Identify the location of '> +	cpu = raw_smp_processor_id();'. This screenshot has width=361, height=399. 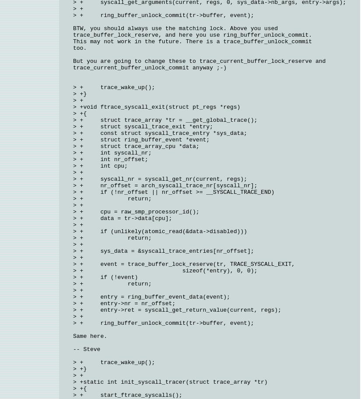
(73, 212).